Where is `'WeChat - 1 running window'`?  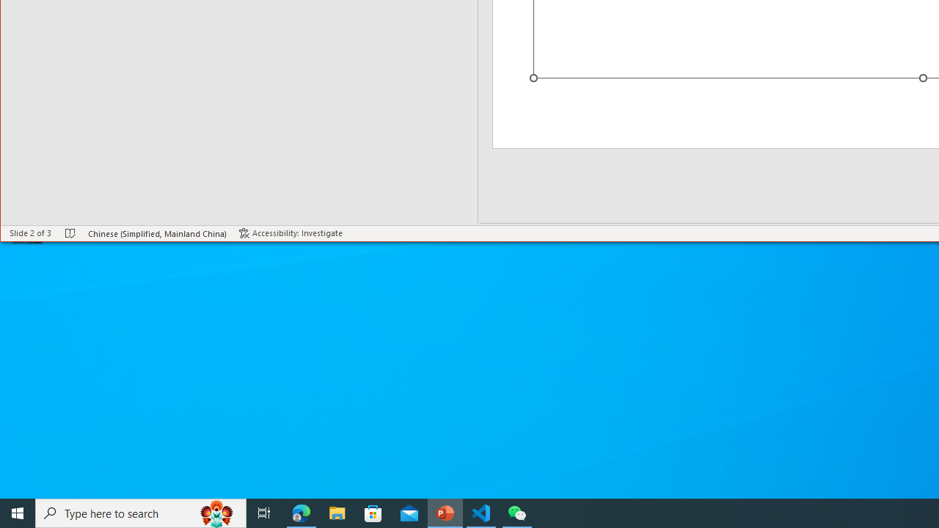 'WeChat - 1 running window' is located at coordinates (517, 512).